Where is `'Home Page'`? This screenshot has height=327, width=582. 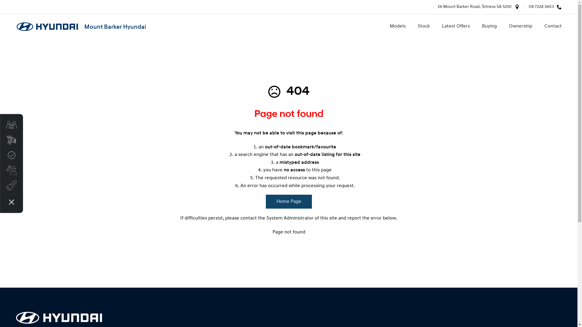 'Home Page' is located at coordinates (288, 202).